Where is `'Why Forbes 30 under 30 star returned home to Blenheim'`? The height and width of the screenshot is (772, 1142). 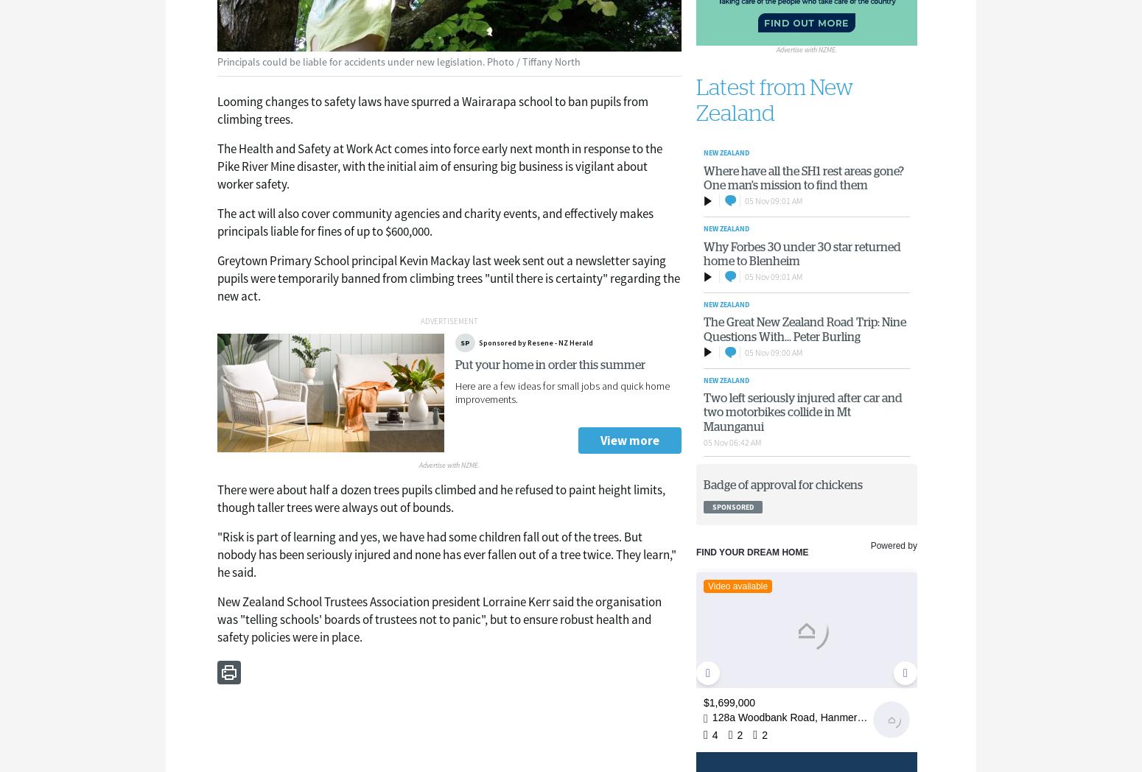
'Why Forbes 30 under 30 star returned home to Blenheim' is located at coordinates (800, 253).